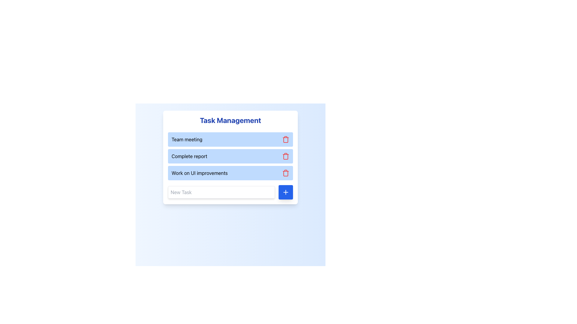 The width and height of the screenshot is (577, 324). What do you see at coordinates (285, 173) in the screenshot?
I see `the central portion of the trash bin icon, which is outlined in red and positioned to the right of the 'Work on UI improvements' task` at bounding box center [285, 173].